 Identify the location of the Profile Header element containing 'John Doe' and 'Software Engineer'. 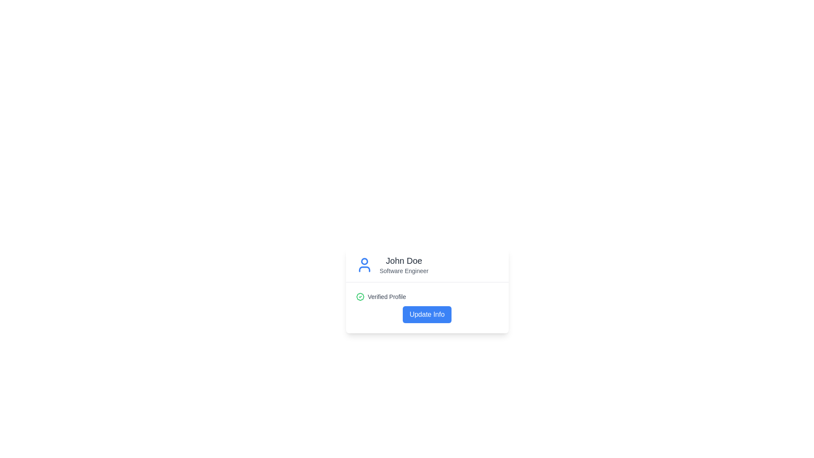
(427, 265).